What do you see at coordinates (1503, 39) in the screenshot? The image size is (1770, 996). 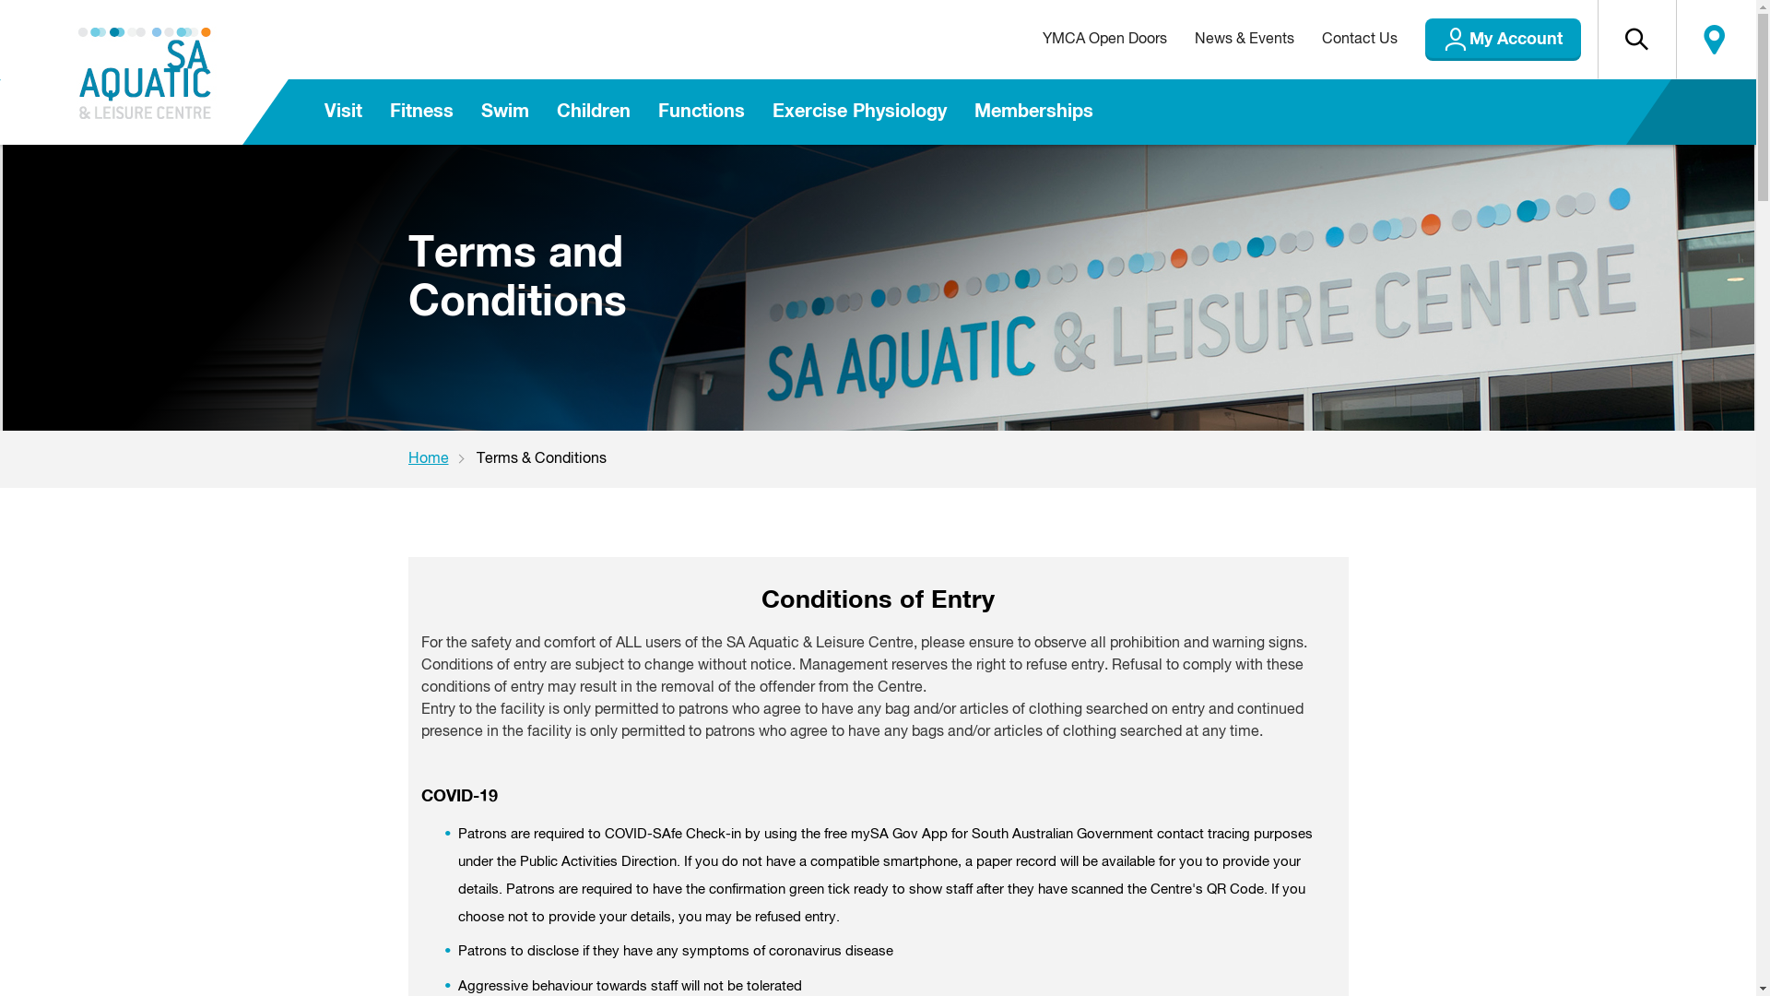 I see `'My Account'` at bounding box center [1503, 39].